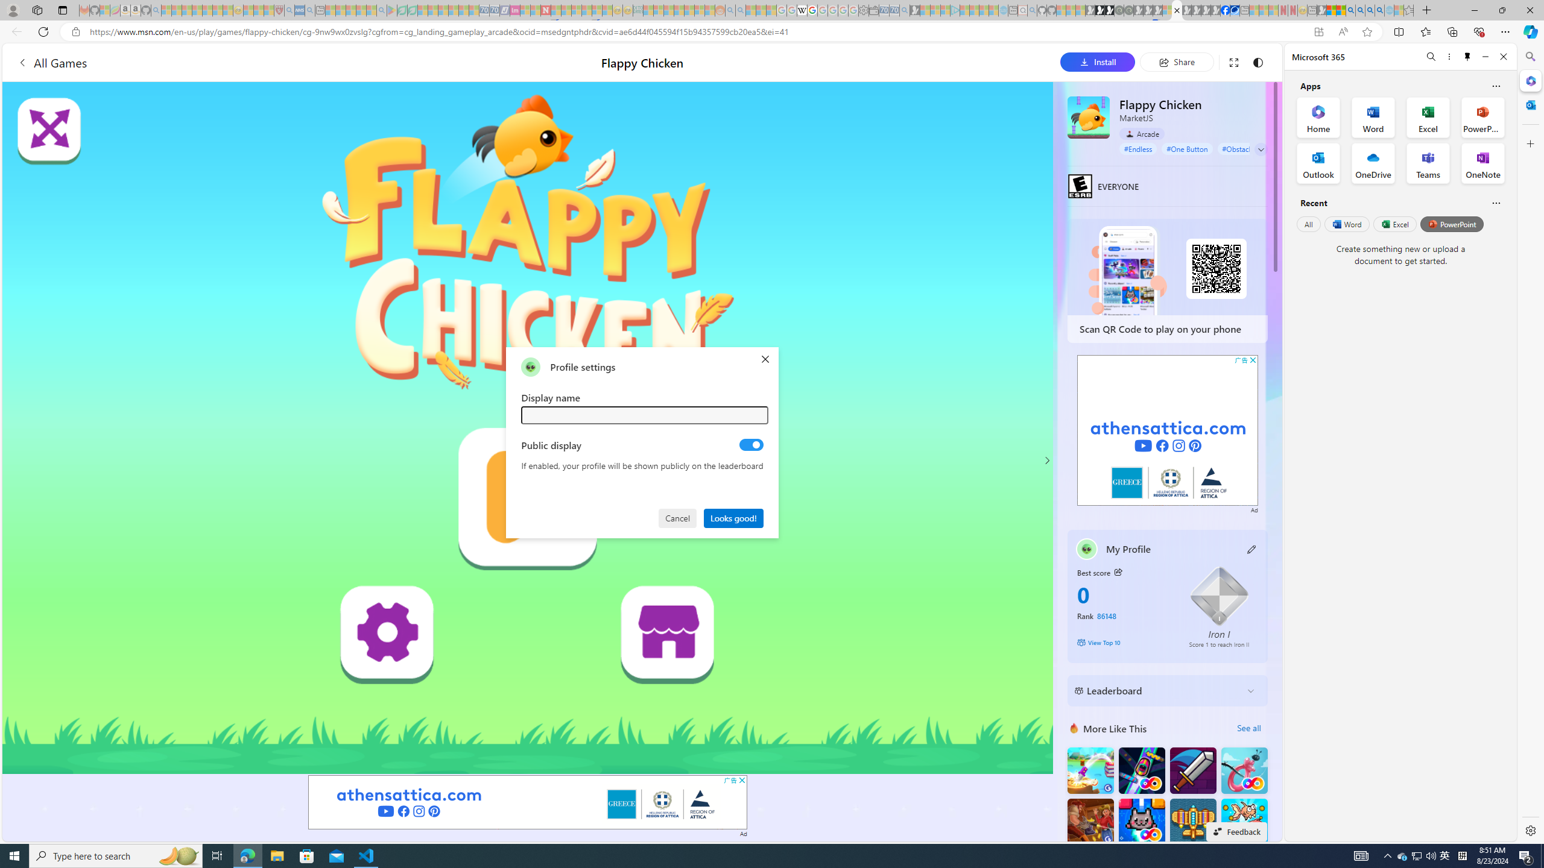 The image size is (1544, 868). Describe the element at coordinates (1141, 134) in the screenshot. I see `'Arcade'` at that location.